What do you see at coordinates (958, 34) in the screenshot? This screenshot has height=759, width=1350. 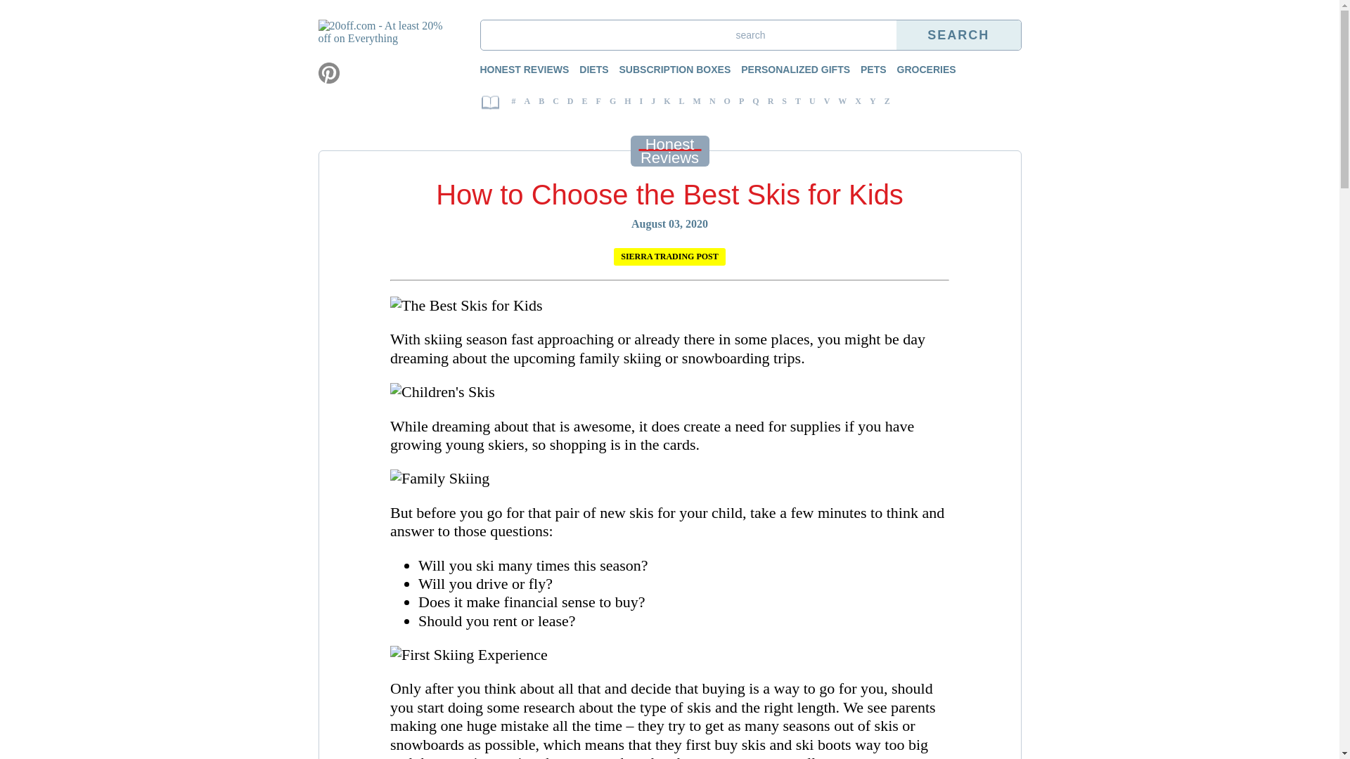 I see `'SEARCH'` at bounding box center [958, 34].